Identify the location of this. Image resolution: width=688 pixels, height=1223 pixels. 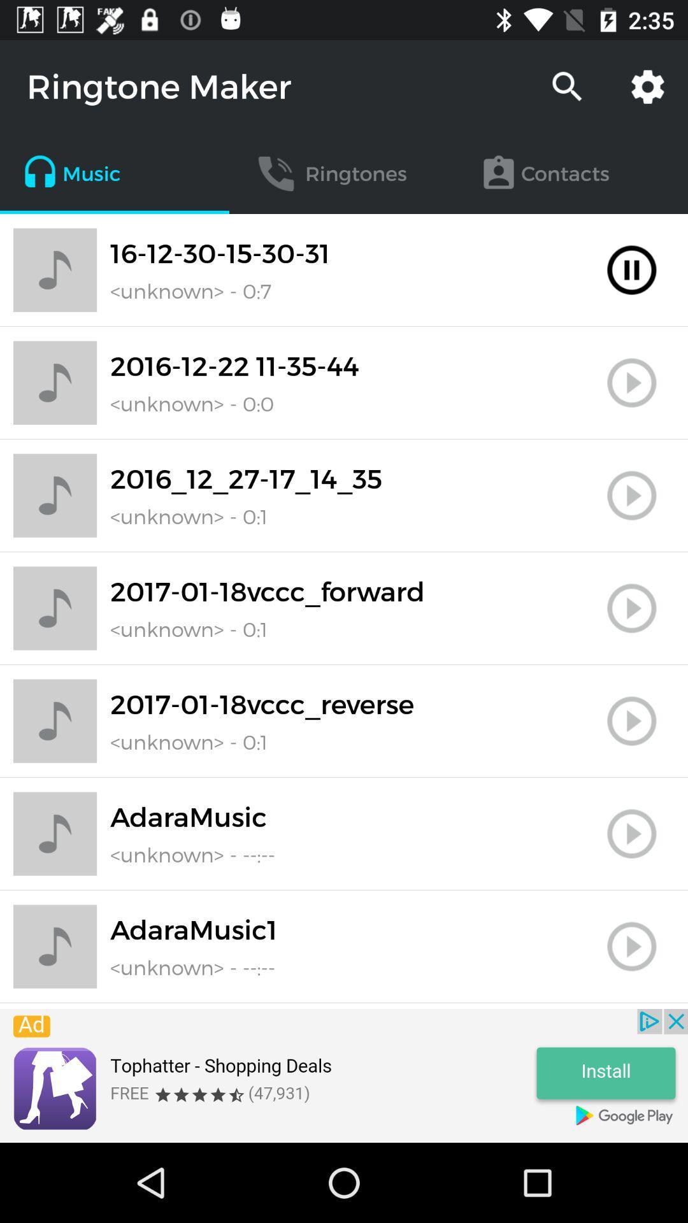
(631, 721).